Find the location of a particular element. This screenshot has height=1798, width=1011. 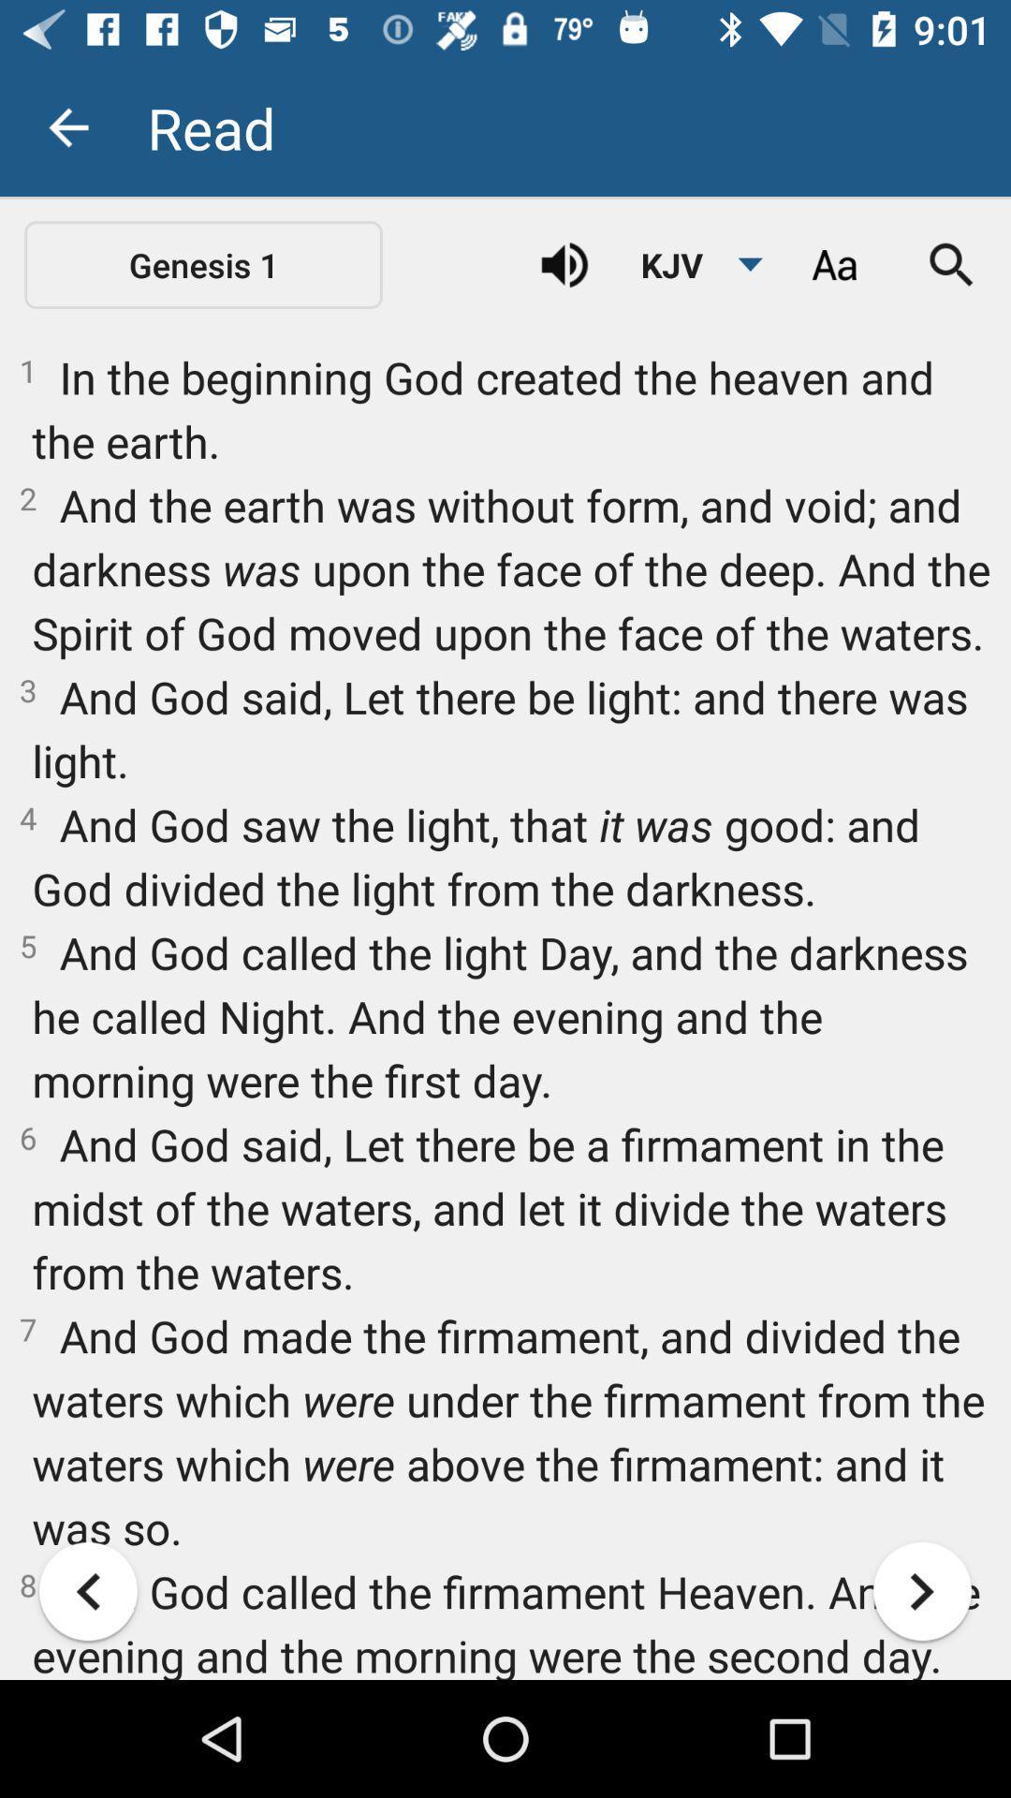

icon above 1 in the is located at coordinates (691, 264).